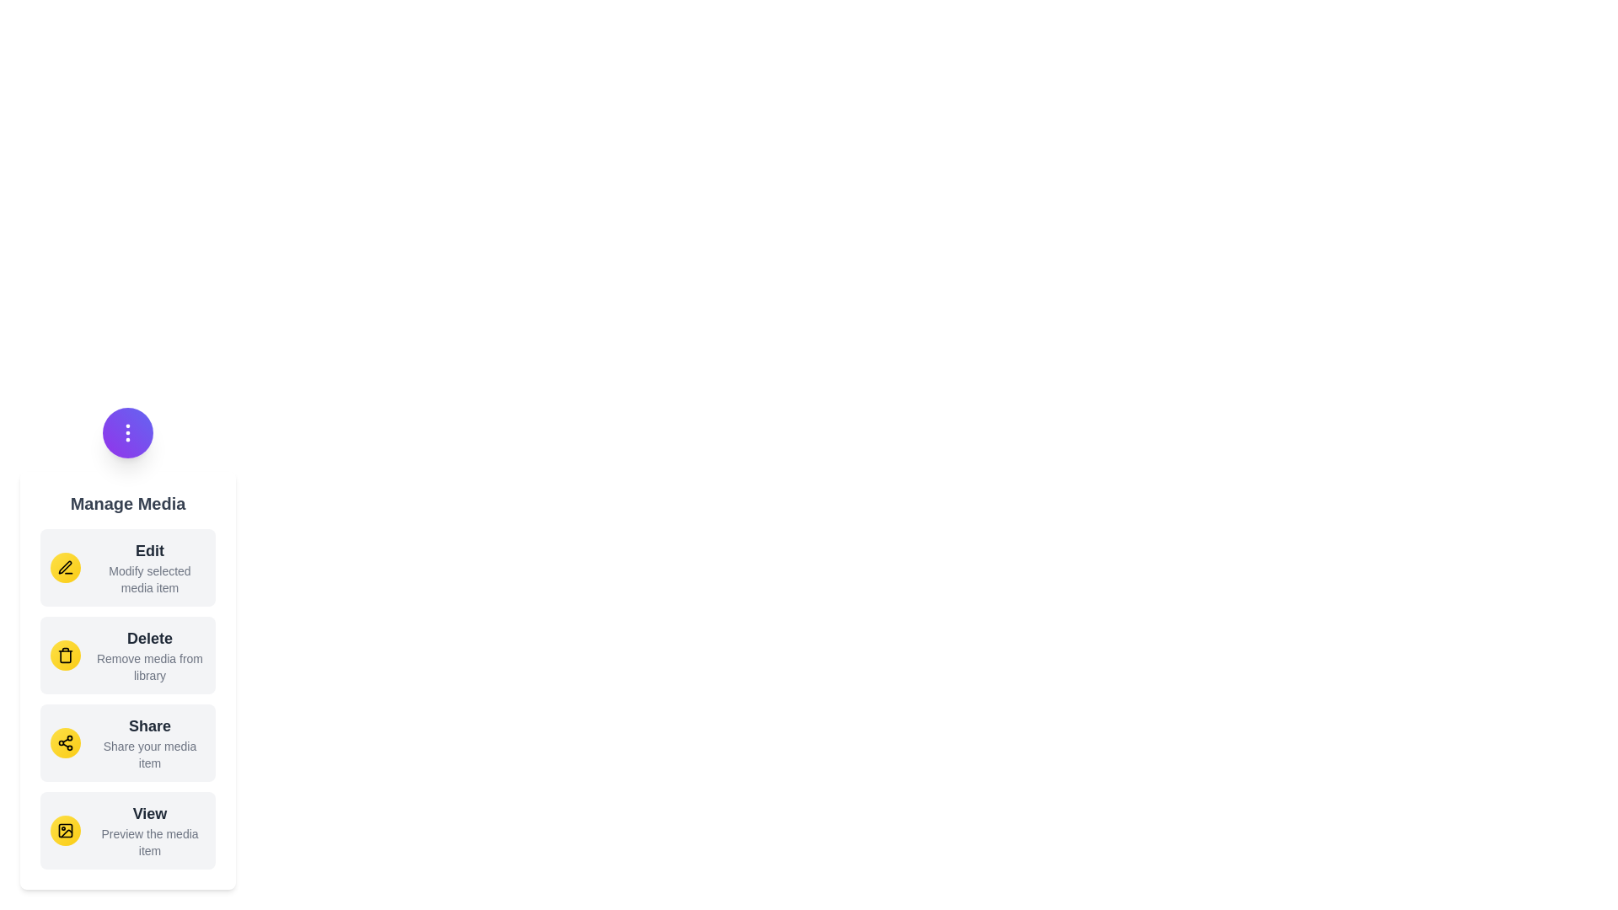  Describe the element at coordinates (127, 742) in the screenshot. I see `the 'Share' button in the menu` at that location.